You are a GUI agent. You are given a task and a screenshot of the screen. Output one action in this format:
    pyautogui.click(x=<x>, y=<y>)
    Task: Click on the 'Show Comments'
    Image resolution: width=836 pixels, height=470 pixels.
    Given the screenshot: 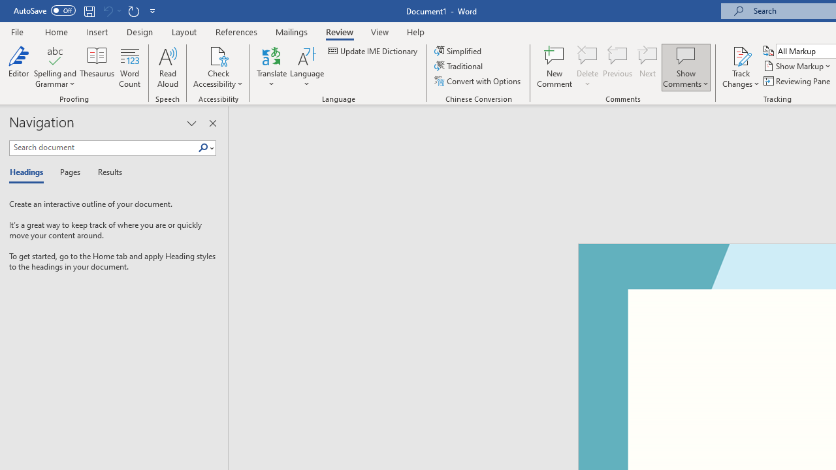 What is the action you would take?
    pyautogui.click(x=685, y=67)
    